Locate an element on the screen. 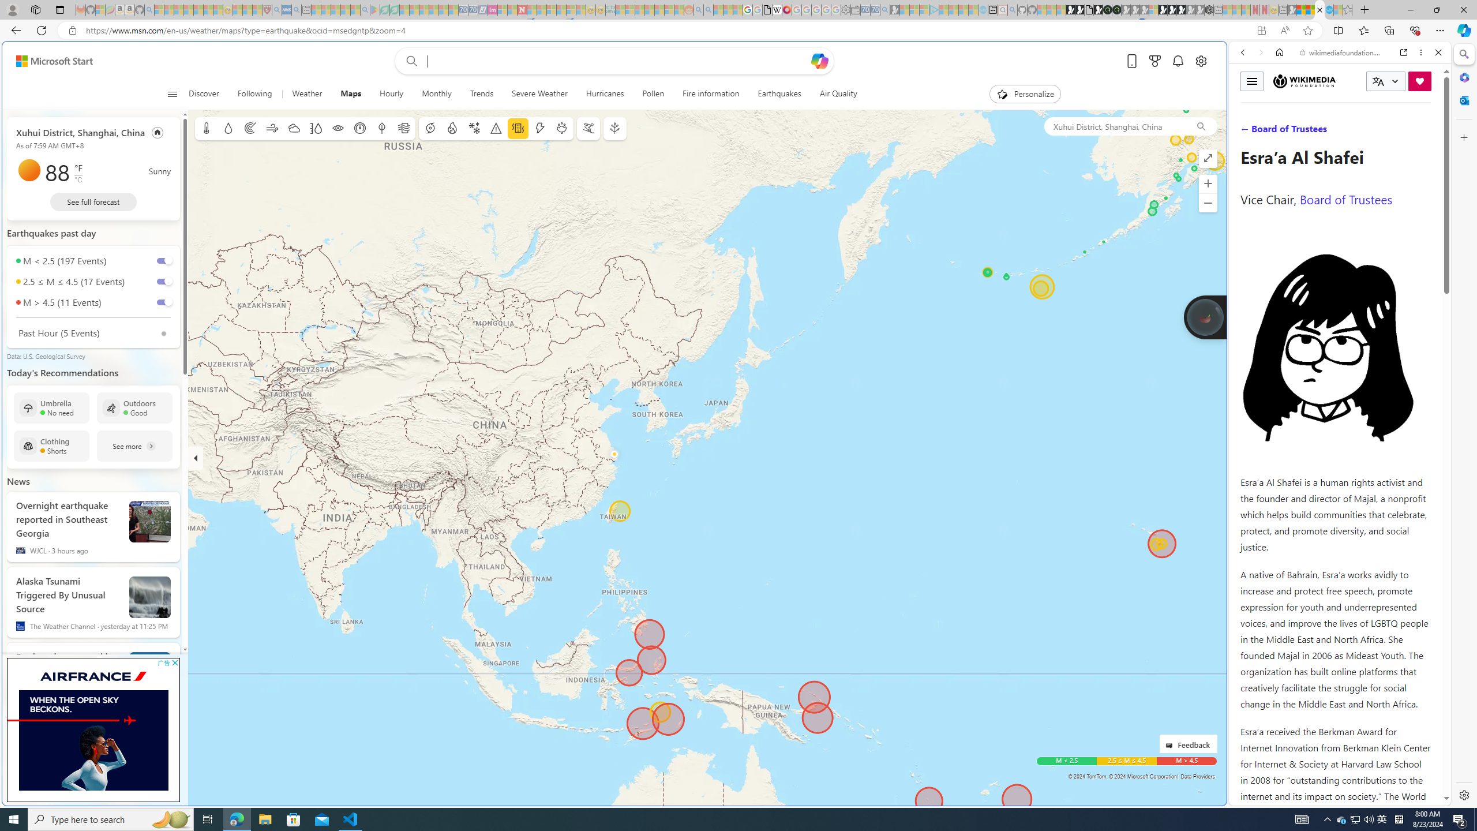 The height and width of the screenshot is (831, 1477). 'Sea level pressure' is located at coordinates (359, 128).